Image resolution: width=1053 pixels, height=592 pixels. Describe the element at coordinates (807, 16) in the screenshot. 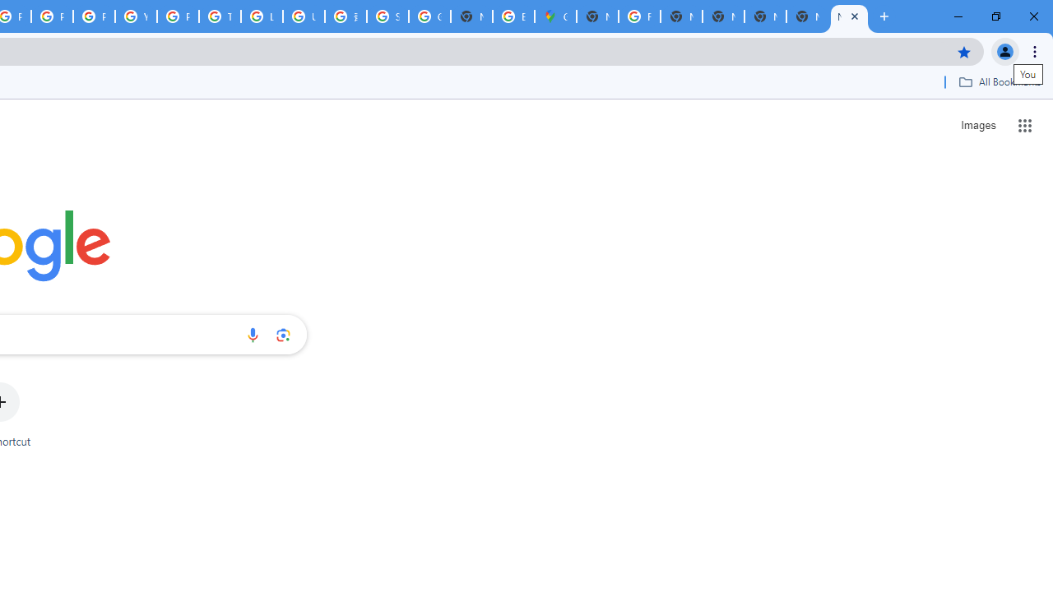

I see `'New Tab'` at that location.